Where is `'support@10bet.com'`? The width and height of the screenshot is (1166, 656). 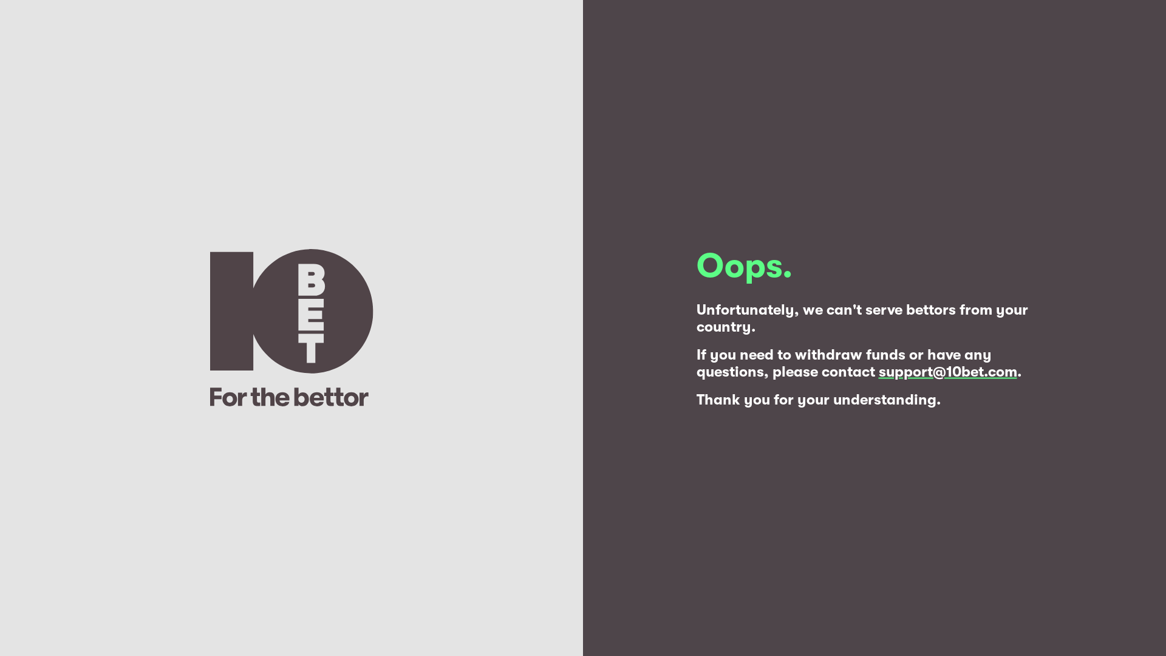 'support@10bet.com' is located at coordinates (878, 371).